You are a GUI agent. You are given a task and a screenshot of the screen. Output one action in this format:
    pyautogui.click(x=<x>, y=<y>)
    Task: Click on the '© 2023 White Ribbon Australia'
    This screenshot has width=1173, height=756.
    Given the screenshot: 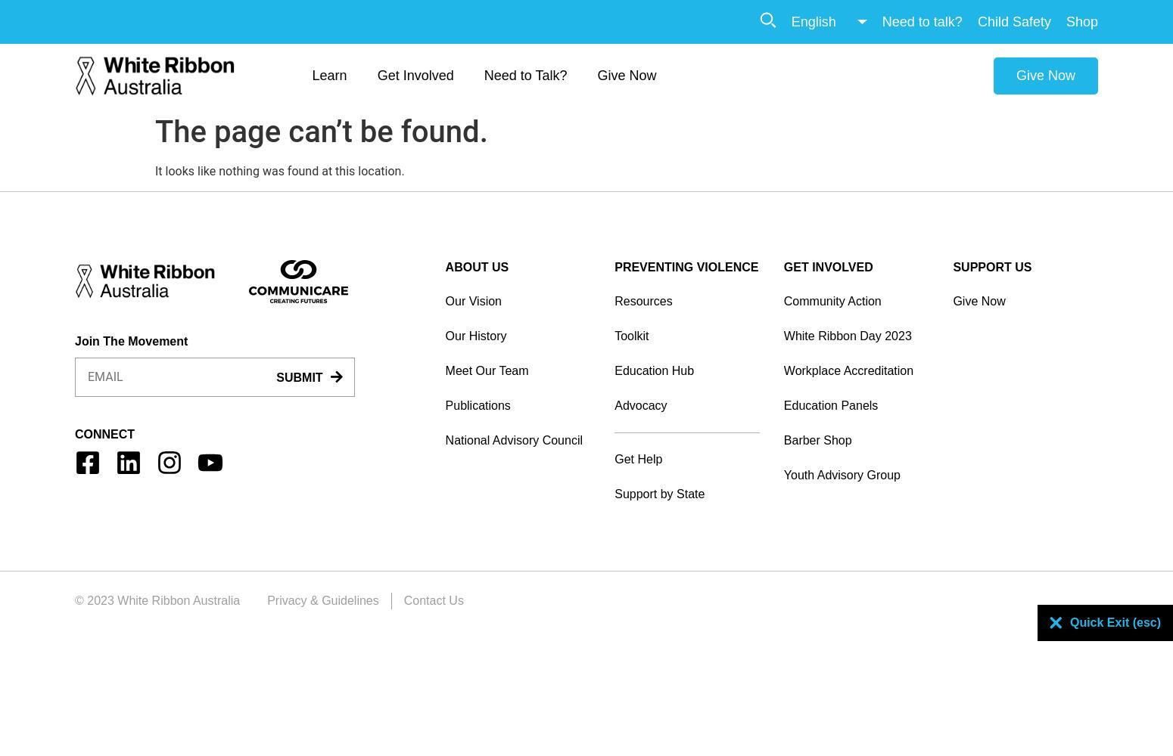 What is the action you would take?
    pyautogui.click(x=157, y=600)
    